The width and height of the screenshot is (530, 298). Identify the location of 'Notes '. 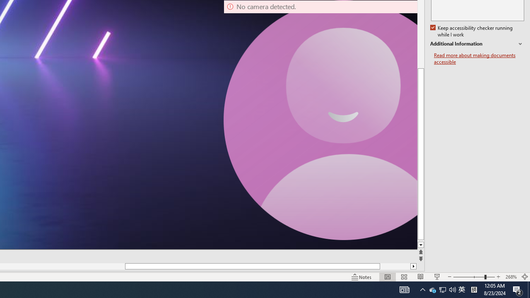
(362, 277).